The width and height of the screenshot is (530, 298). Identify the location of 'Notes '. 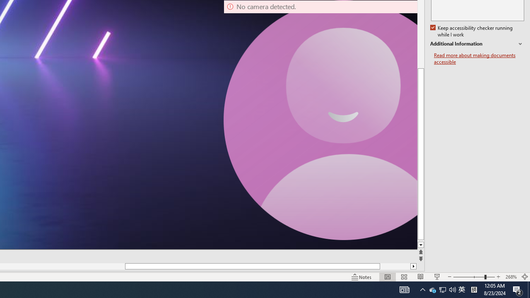
(362, 277).